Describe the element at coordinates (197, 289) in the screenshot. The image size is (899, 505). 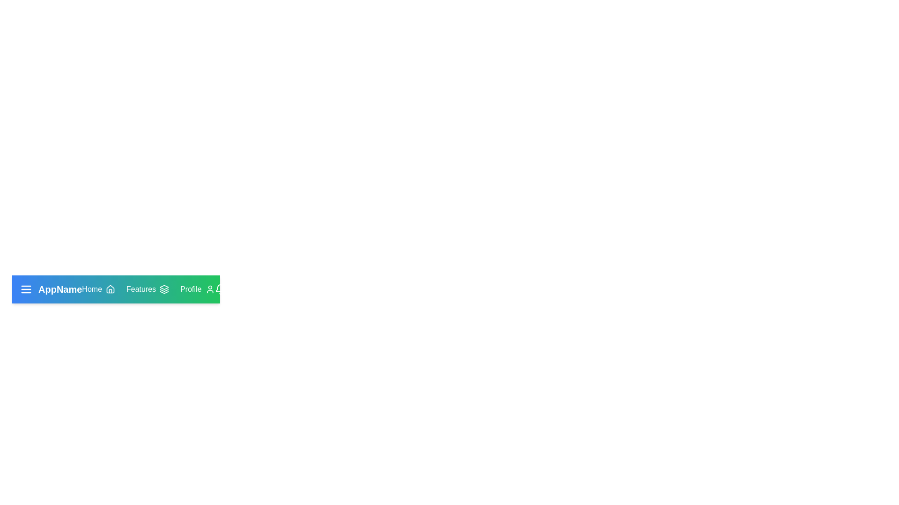
I see `the interactive element ProfileButton to view its hover effect` at that location.